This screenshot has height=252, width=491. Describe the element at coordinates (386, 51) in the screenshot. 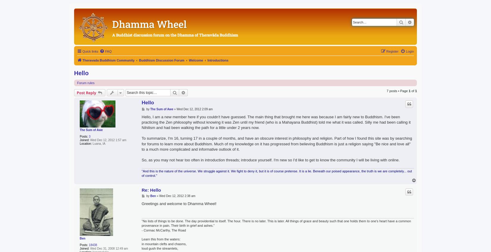

I see `'Register'` at that location.